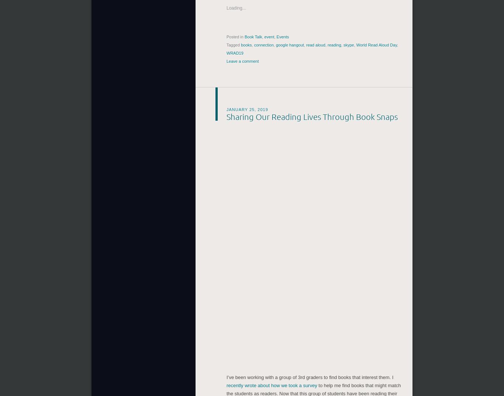 The width and height of the screenshot is (504, 396). What do you see at coordinates (283, 35) in the screenshot?
I see `'Events'` at bounding box center [283, 35].